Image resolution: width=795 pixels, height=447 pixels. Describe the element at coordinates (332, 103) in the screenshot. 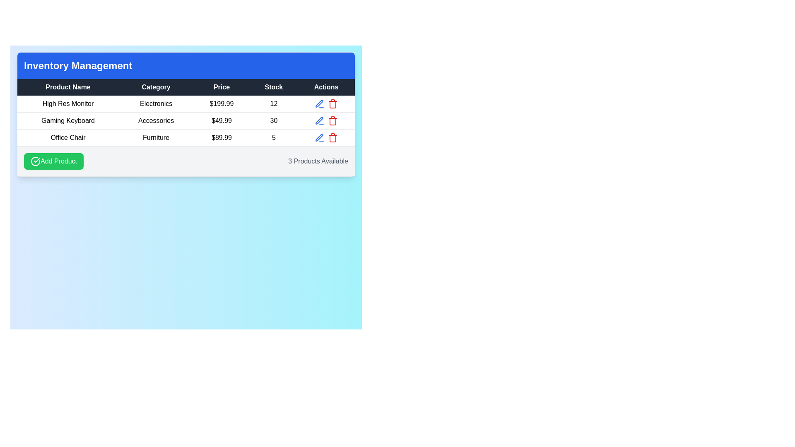

I see `the red delete icon in the Actions column of the first row of the table` at that location.